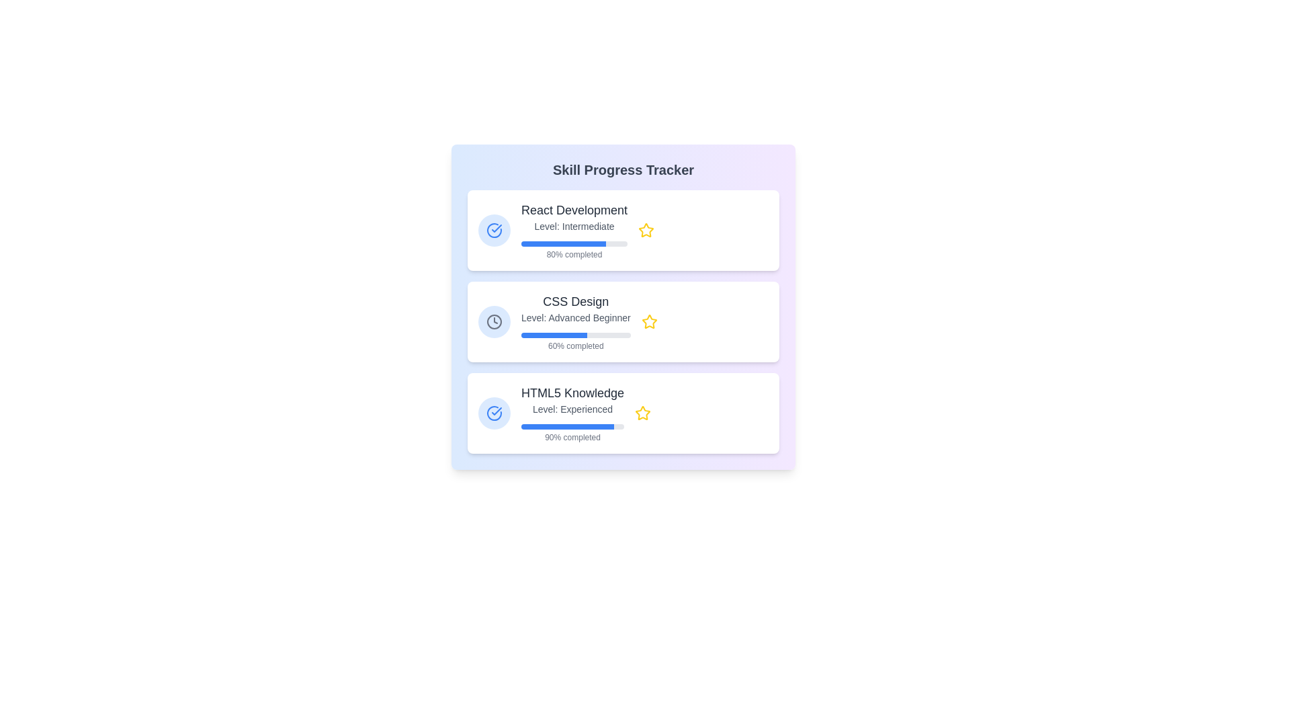  Describe the element at coordinates (576, 300) in the screenshot. I see `text label that serves as the title or identifier for the skill progress section, located above the level description and progress indicator` at that location.